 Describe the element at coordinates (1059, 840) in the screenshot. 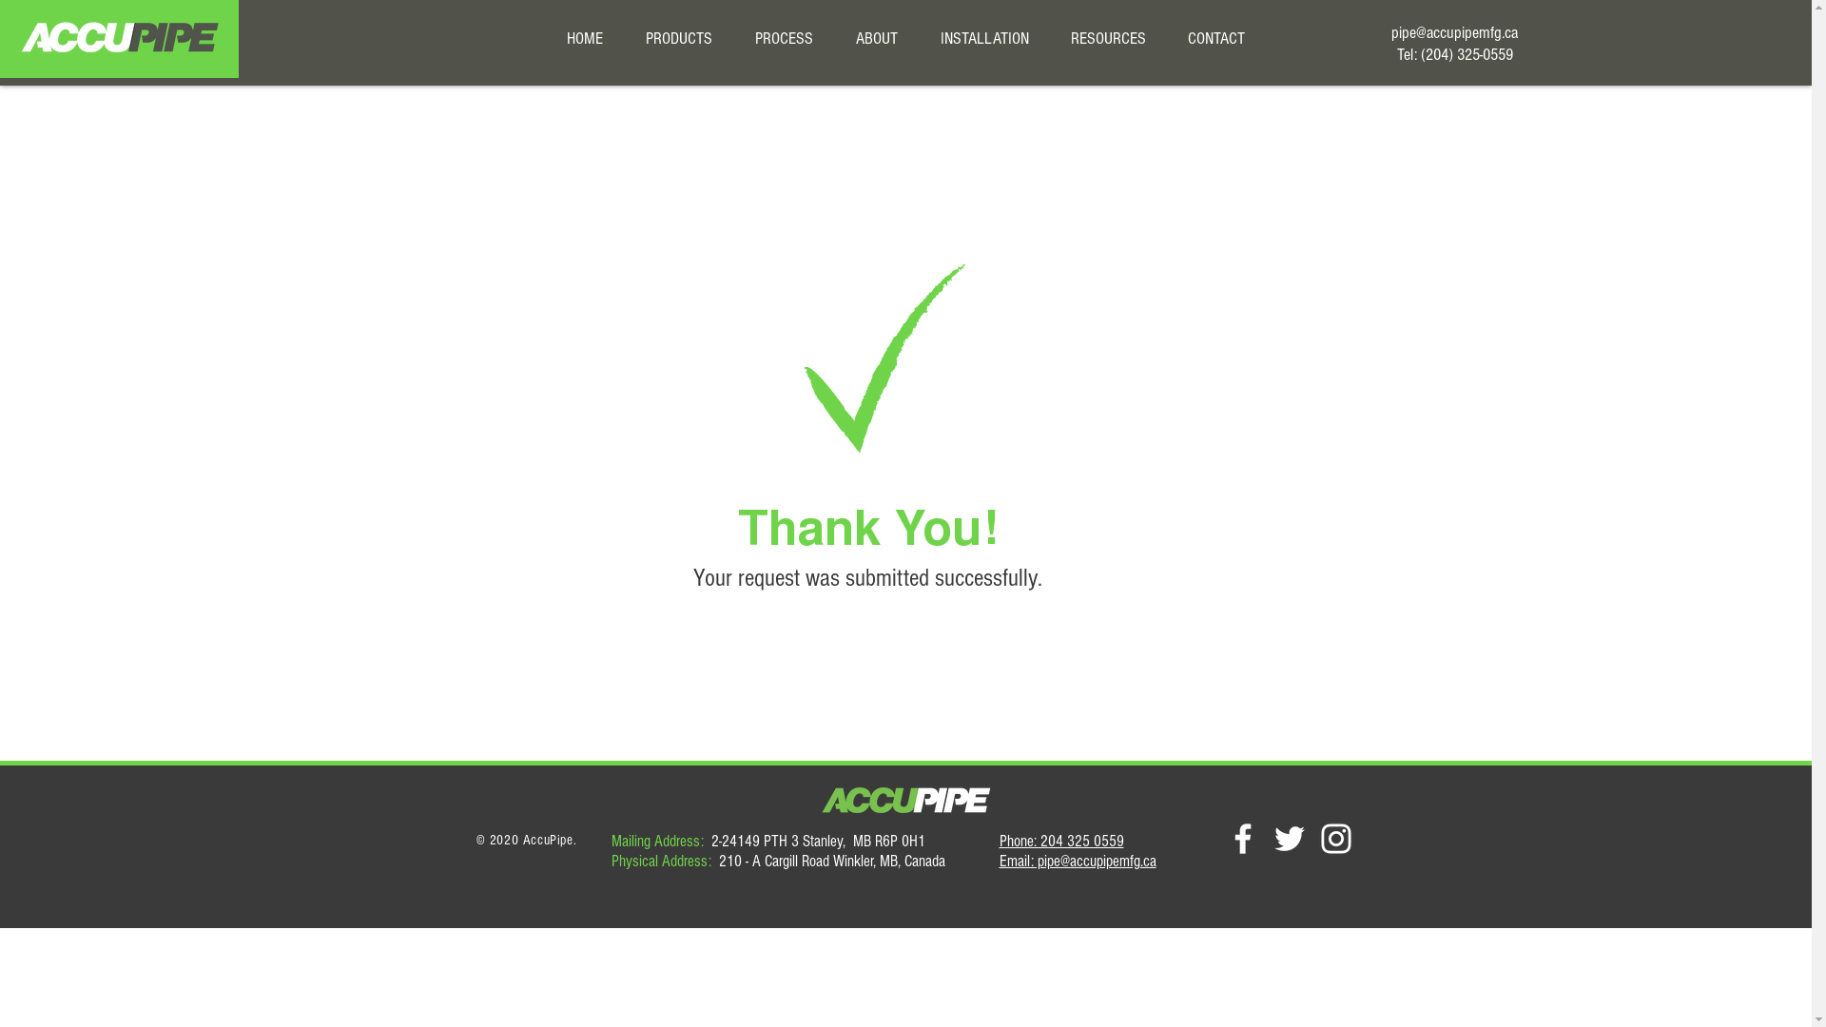

I see `'Phone: 204 325 0559'` at that location.